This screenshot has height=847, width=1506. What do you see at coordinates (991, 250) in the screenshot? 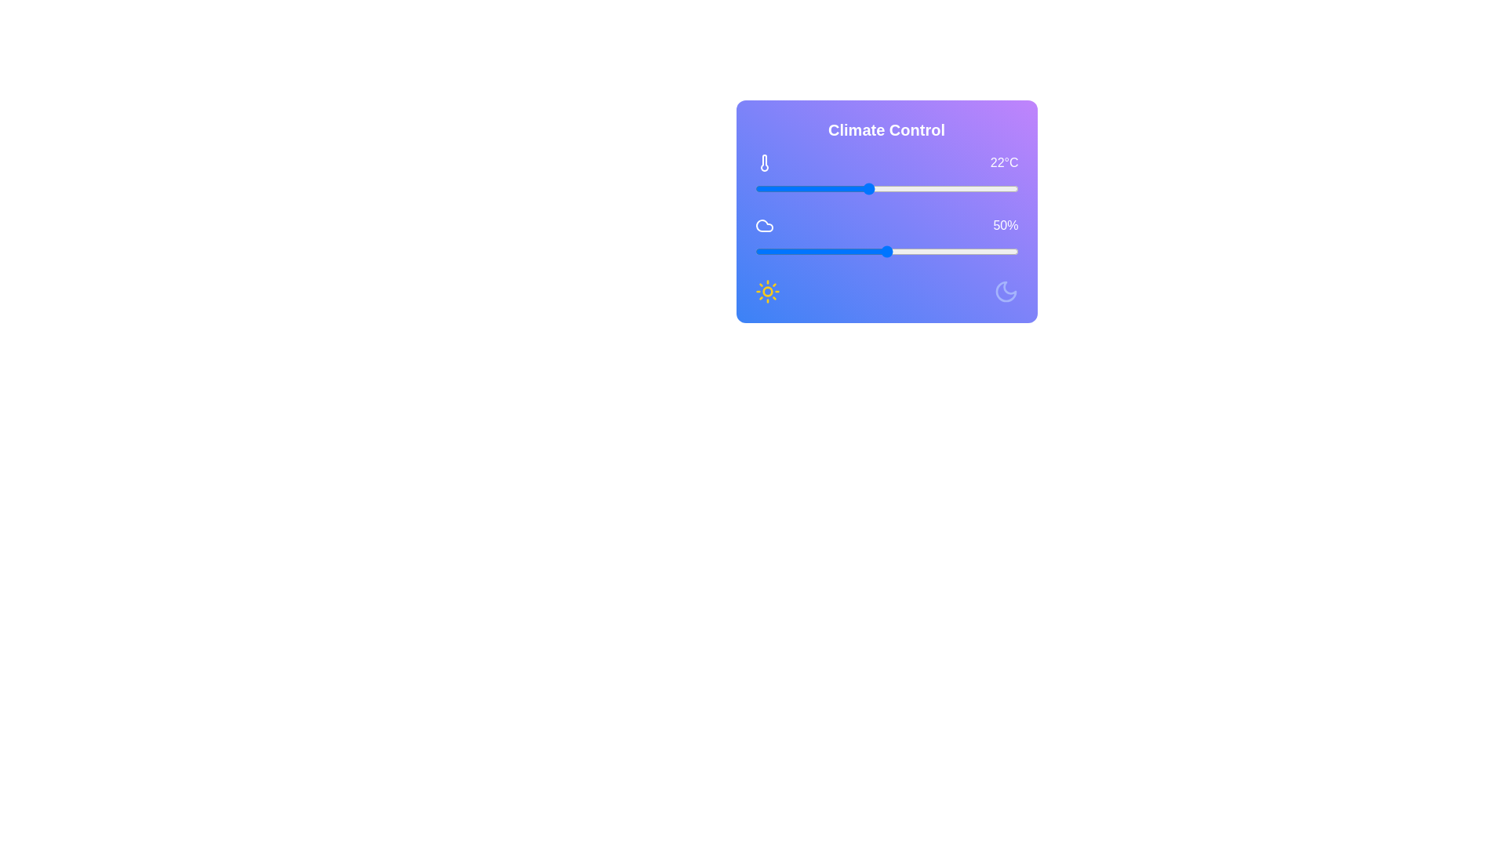
I see `the slider` at bounding box center [991, 250].